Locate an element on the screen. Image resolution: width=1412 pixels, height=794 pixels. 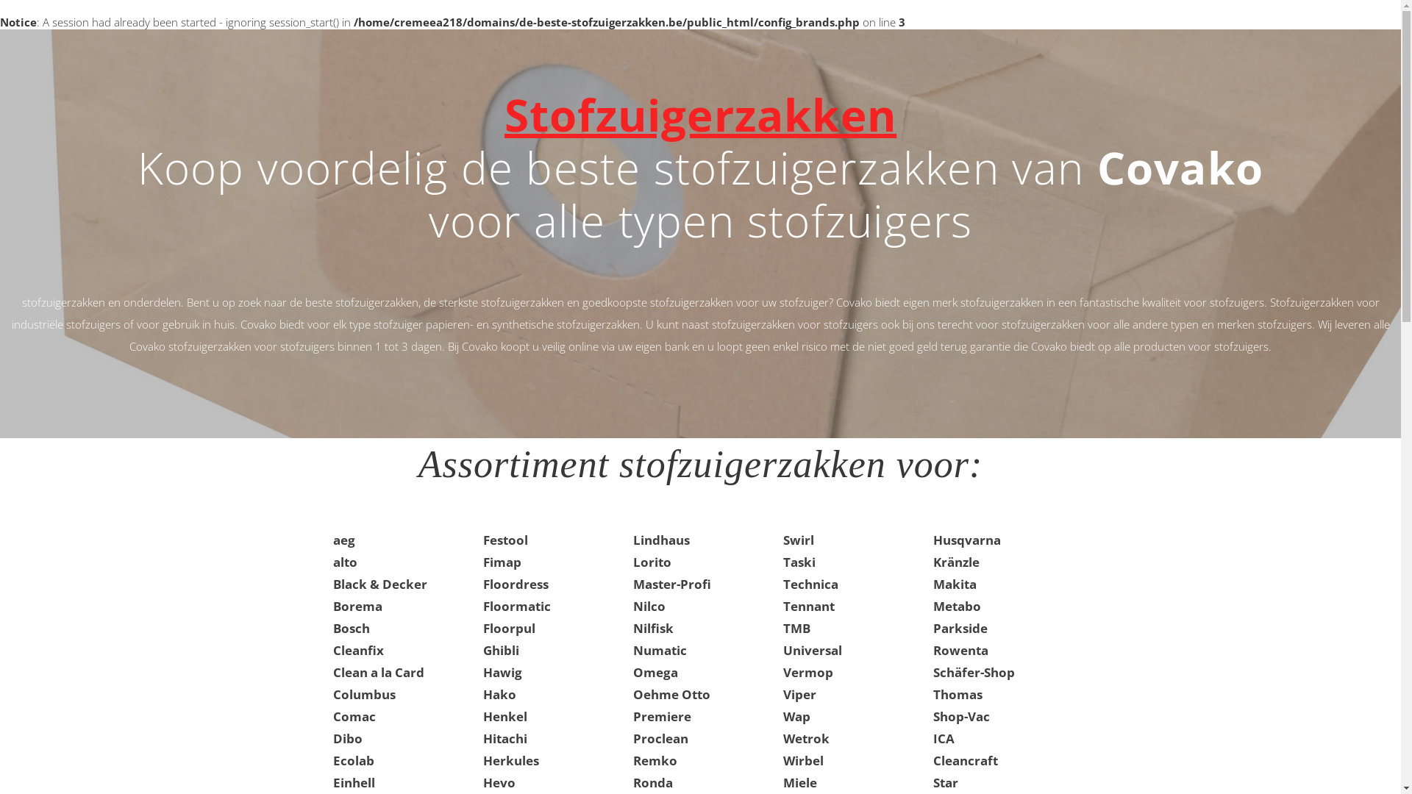
'Henkel' is located at coordinates (504, 715).